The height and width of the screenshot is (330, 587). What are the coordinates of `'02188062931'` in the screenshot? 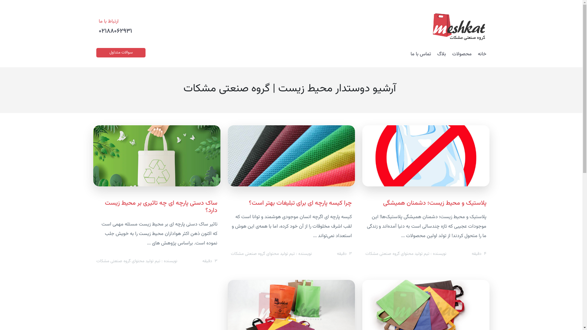 It's located at (115, 31).